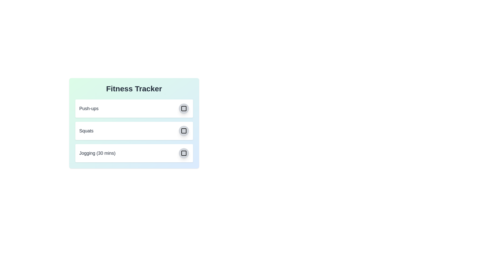 This screenshot has width=487, height=274. What do you see at coordinates (183, 153) in the screenshot?
I see `the checkbox icon corresponding to the exercise Jogging (30 mins) to toggle its completion status` at bounding box center [183, 153].